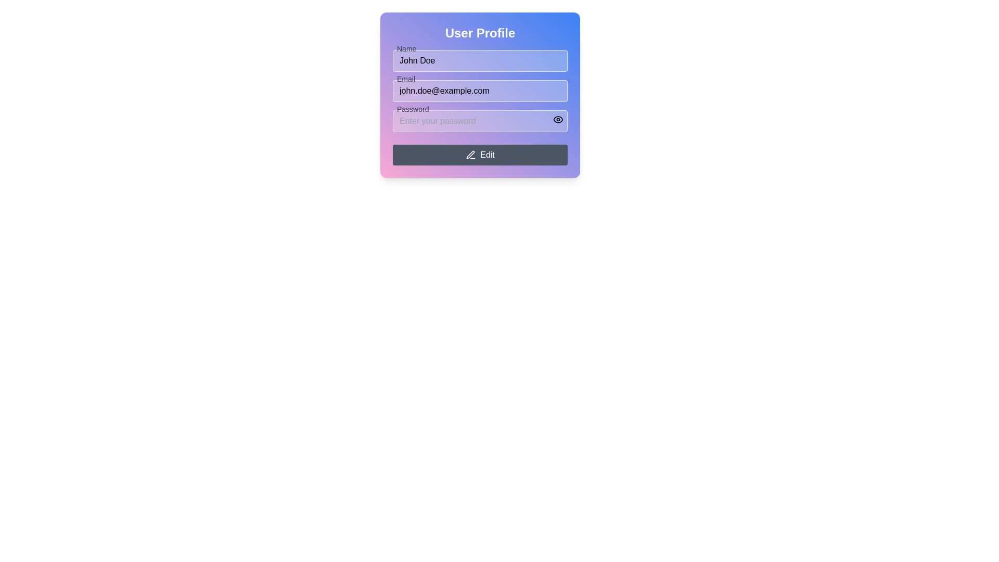 Image resolution: width=999 pixels, height=562 pixels. Describe the element at coordinates (479, 120) in the screenshot. I see `the Password input field with visibility toggle located below the 'Email' input field and above the 'Edit' button in the user profile card to enable potential hover interactions` at that location.